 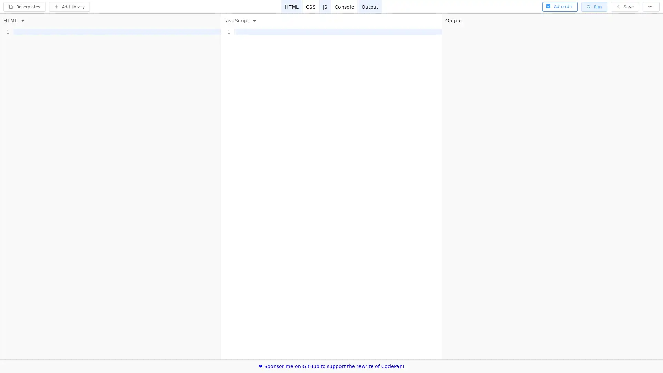 What do you see at coordinates (69, 7) in the screenshot?
I see `Add library` at bounding box center [69, 7].